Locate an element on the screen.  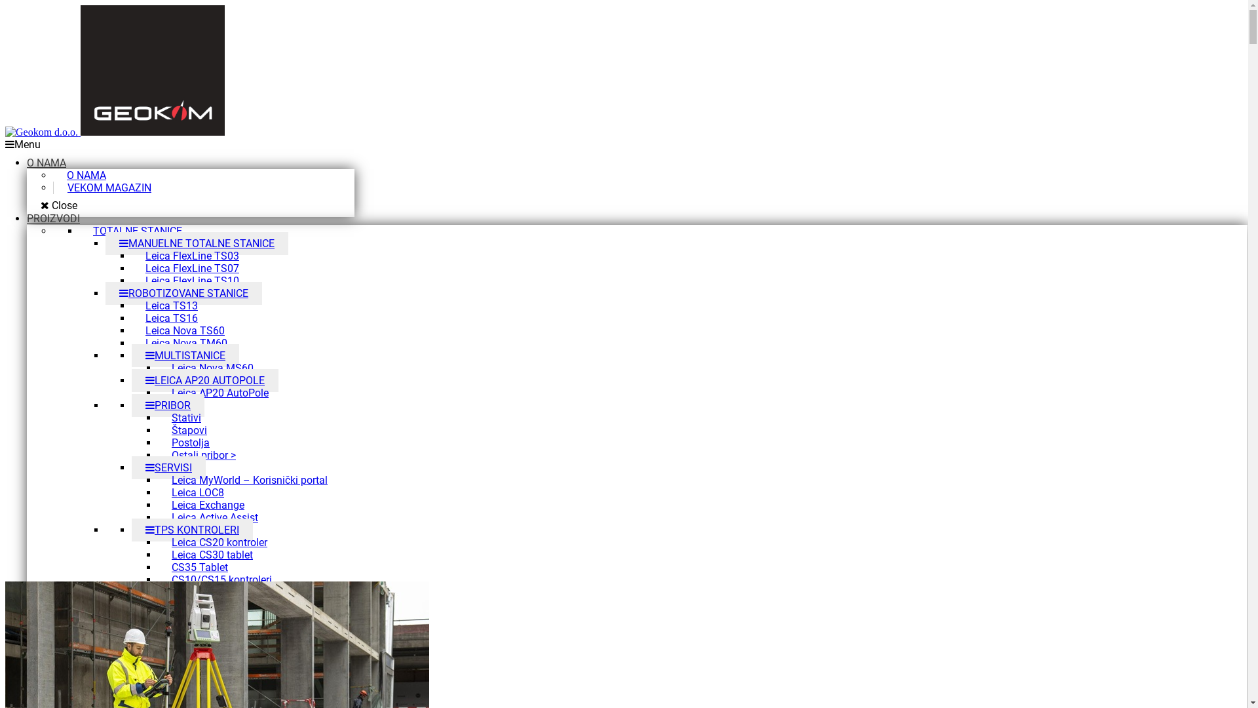
'CS35 Tablet' is located at coordinates (199, 566).